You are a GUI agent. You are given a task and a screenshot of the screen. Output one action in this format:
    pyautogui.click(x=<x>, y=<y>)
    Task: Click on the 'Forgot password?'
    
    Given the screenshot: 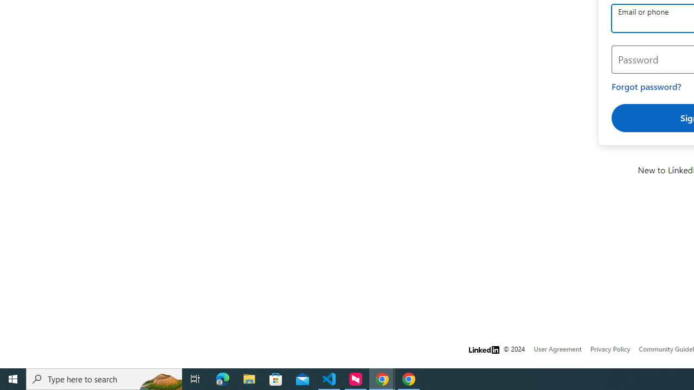 What is the action you would take?
    pyautogui.click(x=646, y=86)
    